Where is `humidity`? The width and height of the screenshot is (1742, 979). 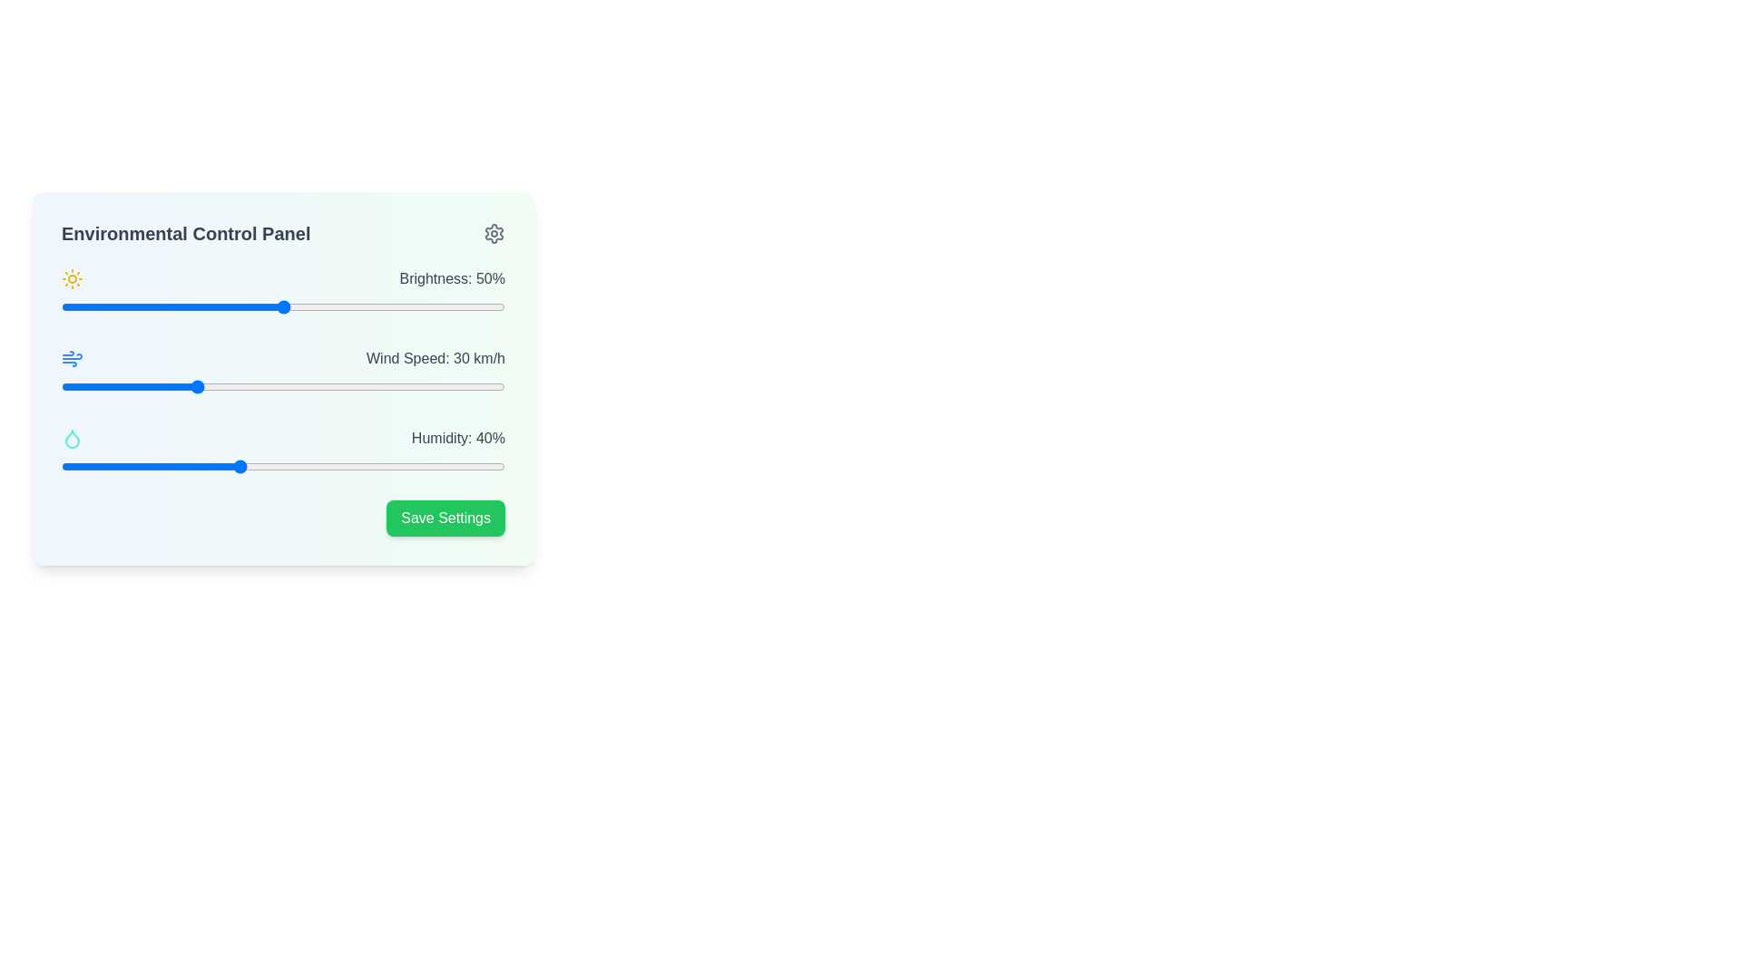 humidity is located at coordinates (428, 466).